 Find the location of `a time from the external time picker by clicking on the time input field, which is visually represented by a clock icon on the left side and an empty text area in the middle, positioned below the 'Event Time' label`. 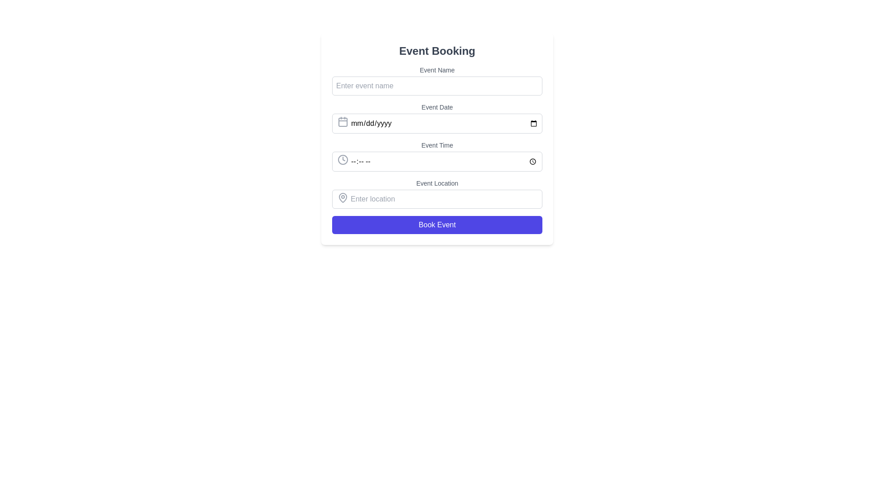

a time from the external time picker by clicking on the time input field, which is visually represented by a clock icon on the left side and an empty text area in the middle, positioned below the 'Event Time' label is located at coordinates (437, 160).